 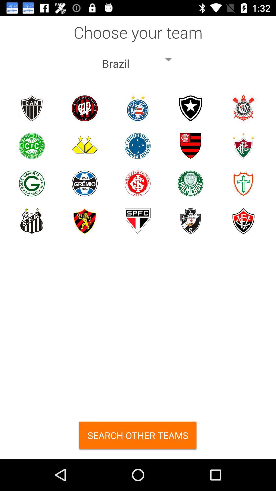 I want to click on chose option, so click(x=84, y=108).